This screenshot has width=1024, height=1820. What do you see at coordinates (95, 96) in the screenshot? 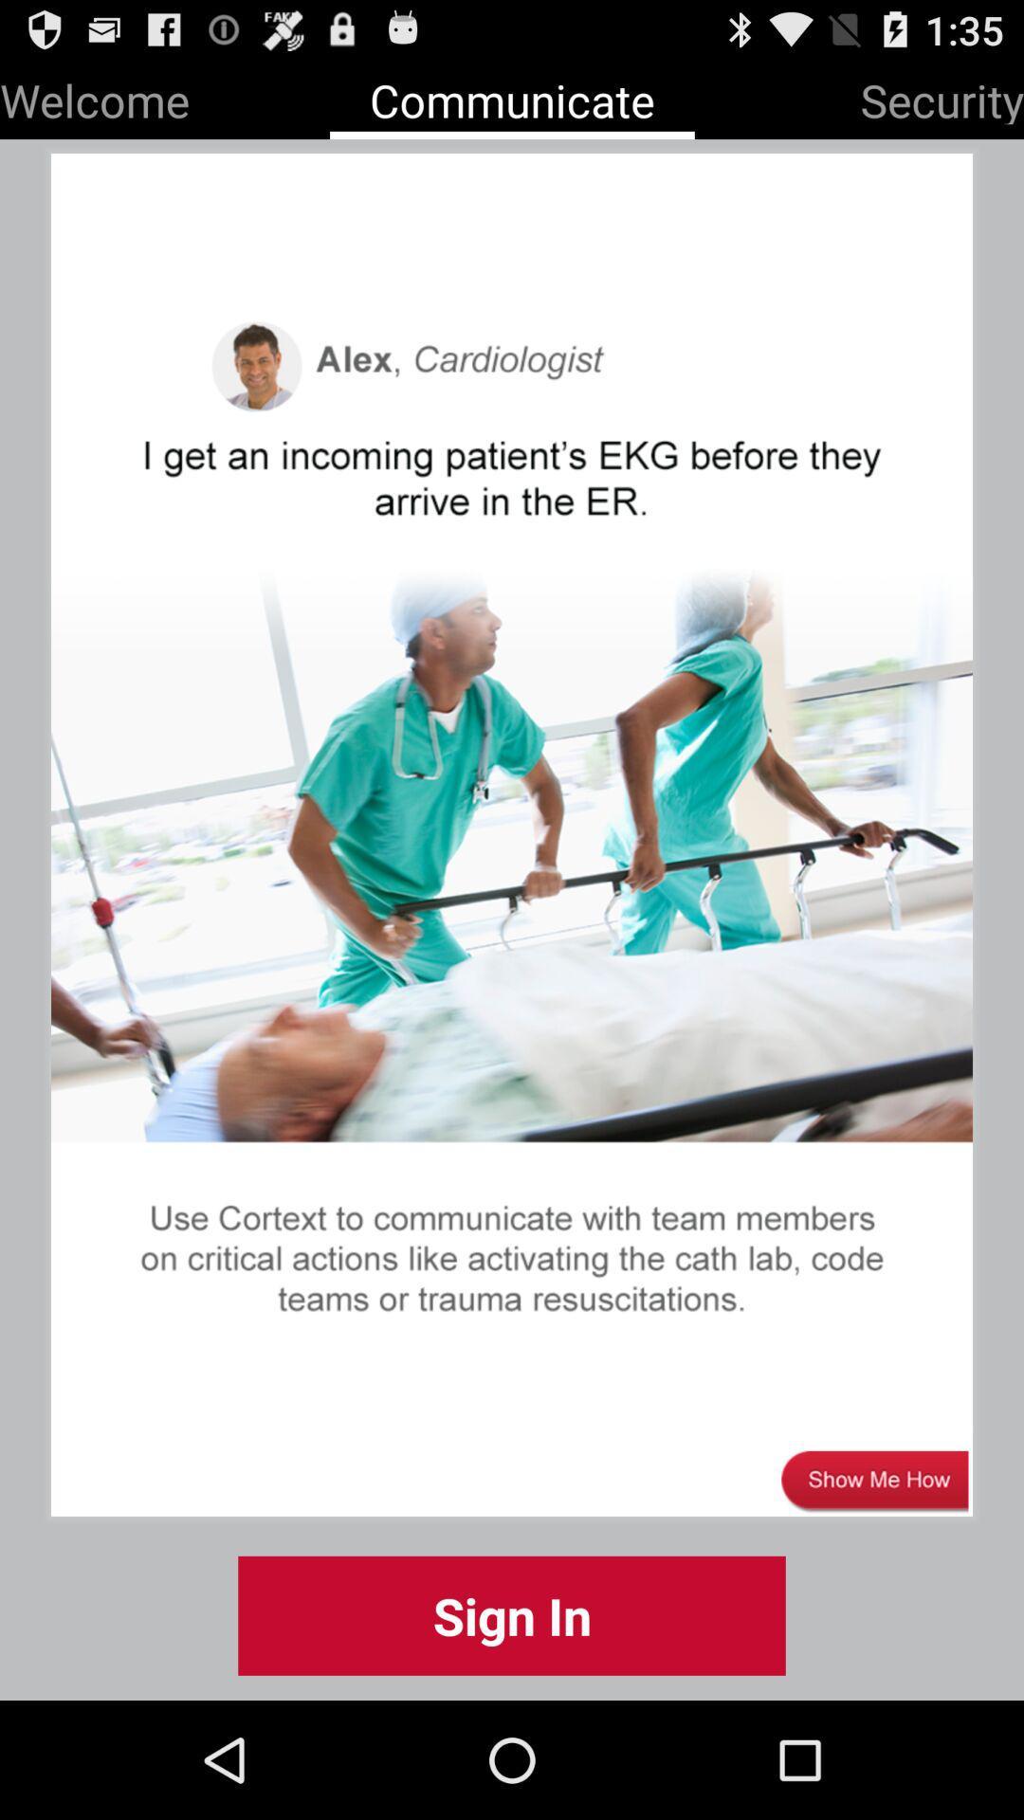
I see `the item to the left of the communicate app` at bounding box center [95, 96].